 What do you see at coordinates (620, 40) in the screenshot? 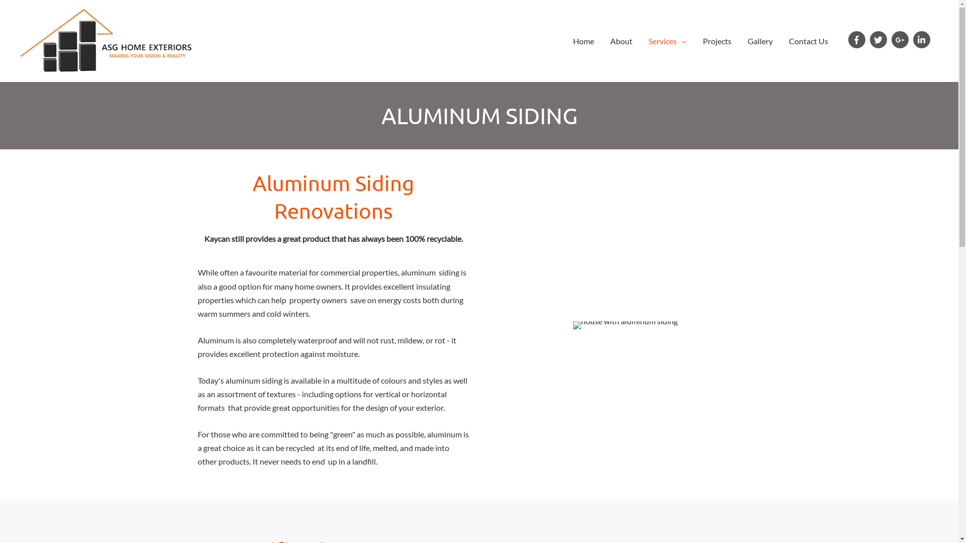
I see `'About'` at bounding box center [620, 40].